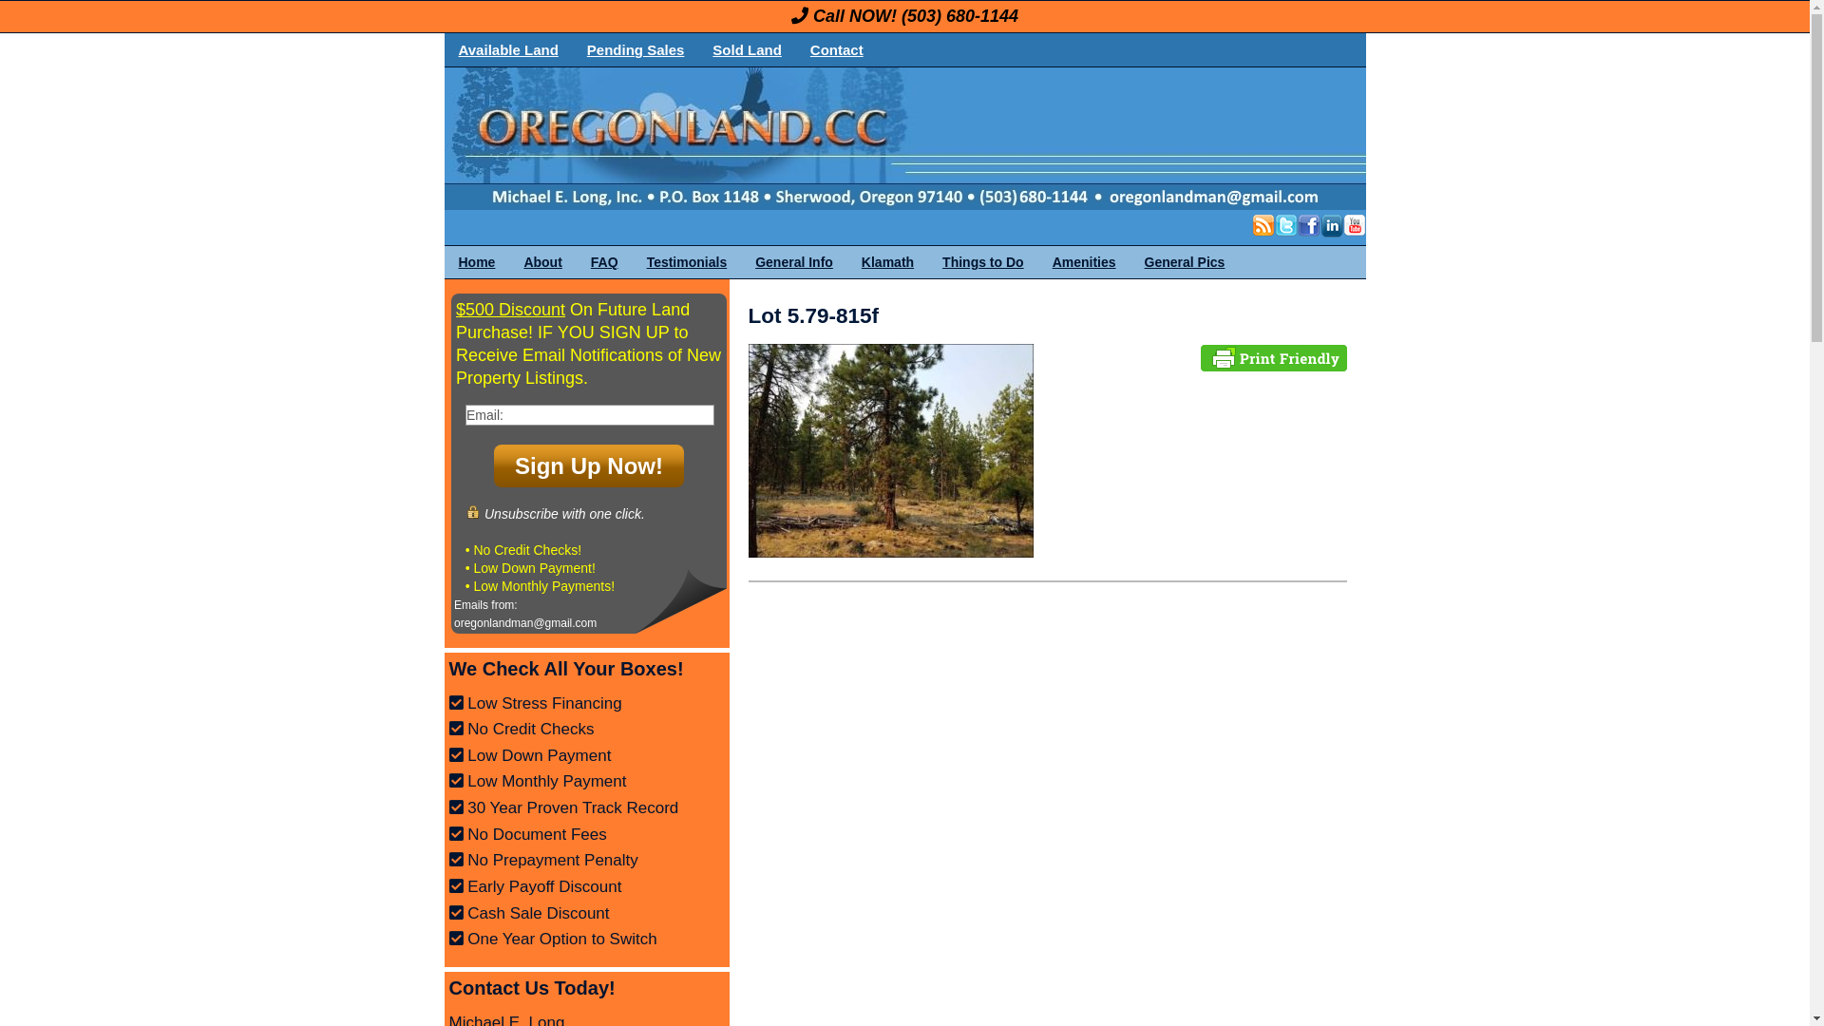 This screenshot has width=1824, height=1026. I want to click on 'Unsubscribe with one click.', so click(554, 511).